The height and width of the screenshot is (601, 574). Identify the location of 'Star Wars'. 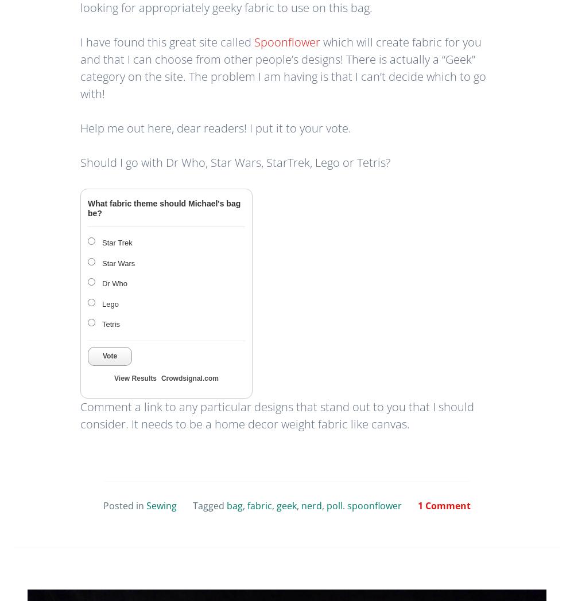
(118, 262).